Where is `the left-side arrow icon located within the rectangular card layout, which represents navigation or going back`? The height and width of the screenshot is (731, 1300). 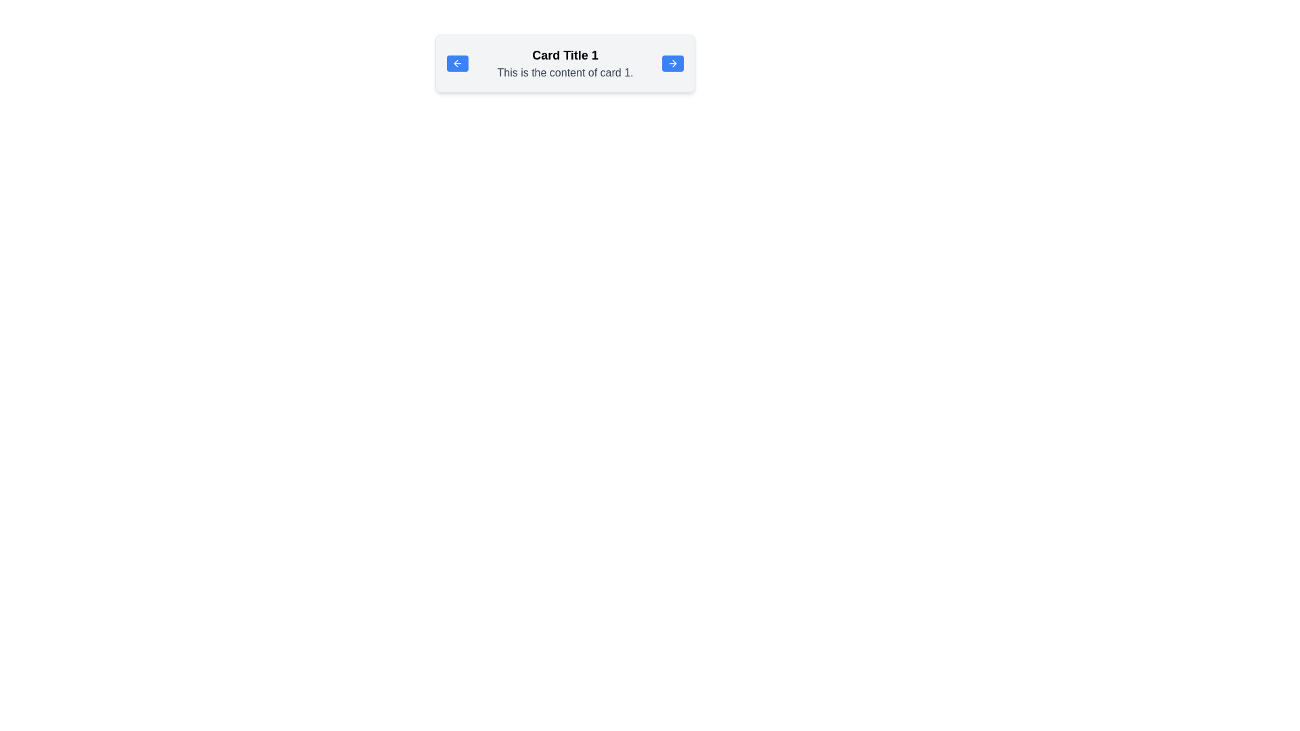 the left-side arrow icon located within the rectangular card layout, which represents navigation or going back is located at coordinates (456, 63).